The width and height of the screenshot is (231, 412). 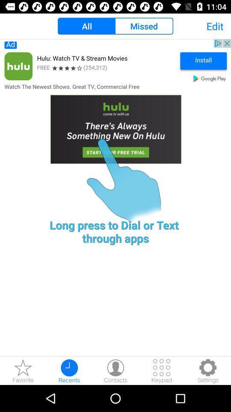 I want to click on start using hulu app, so click(x=115, y=109).